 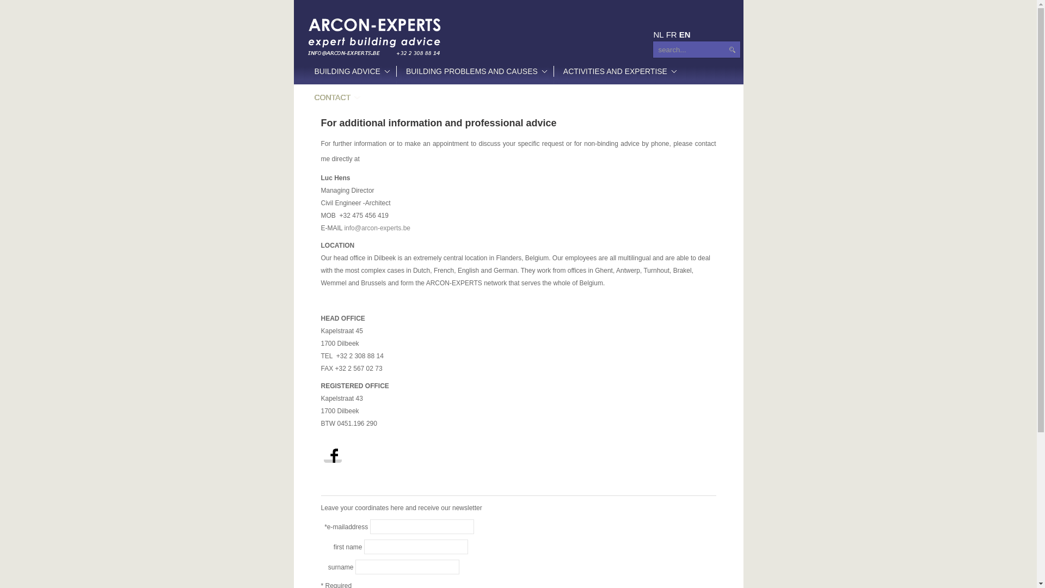 I want to click on 'BUILDING PROBLEMS AND CAUSES', so click(x=475, y=71).